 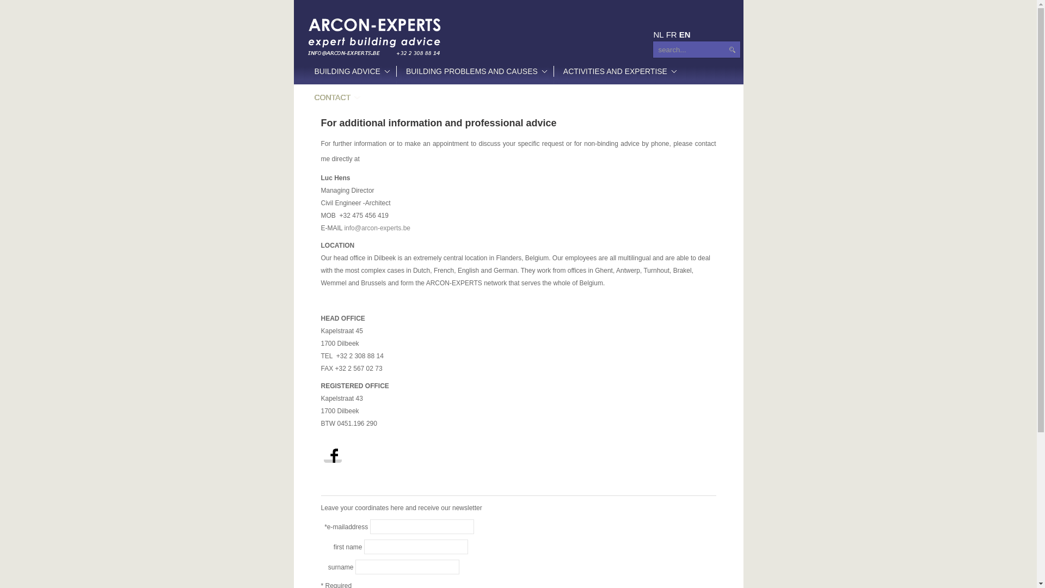 I want to click on 'BUILDING PROBLEMS AND CAUSES', so click(x=475, y=71).